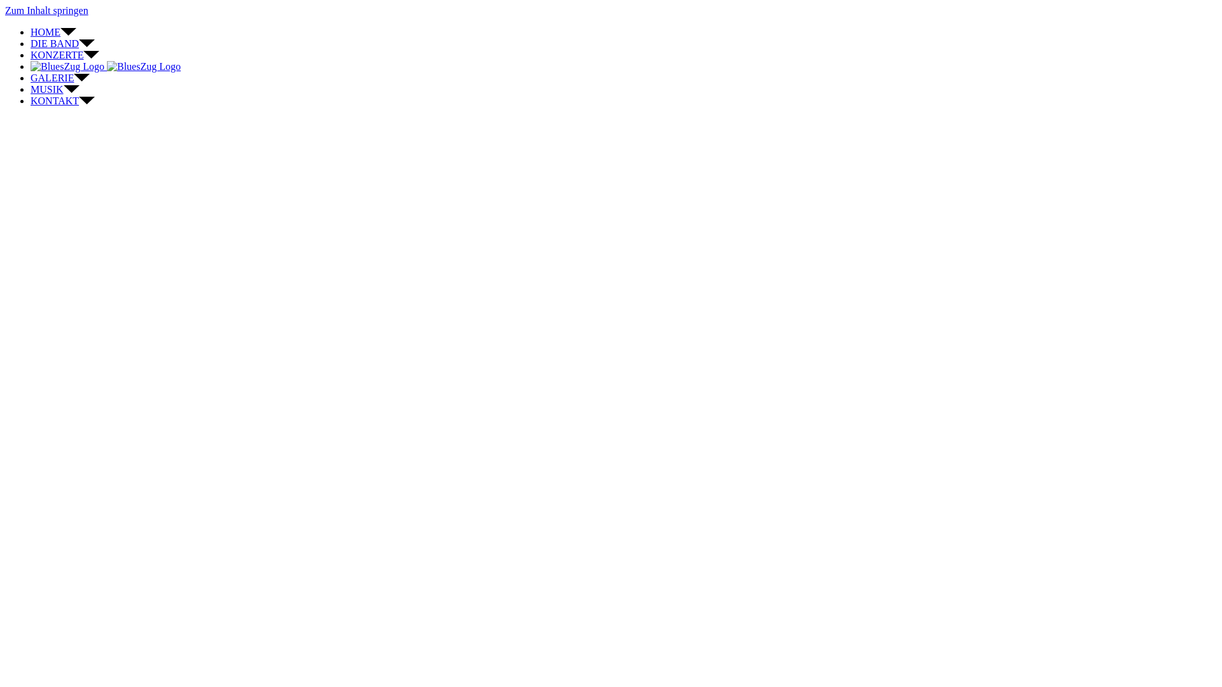  What do you see at coordinates (46, 10) in the screenshot?
I see `'Zum Inhalt springen'` at bounding box center [46, 10].